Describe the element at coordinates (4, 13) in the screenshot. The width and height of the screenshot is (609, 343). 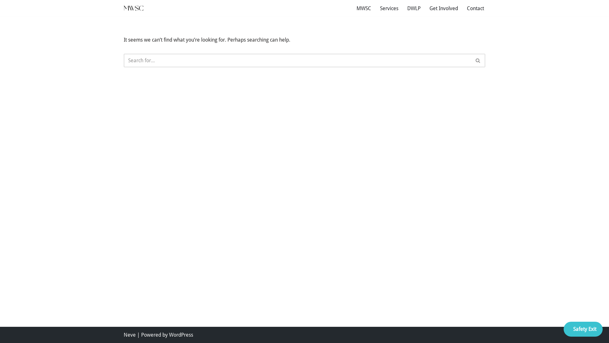
I see `'Skip to content'` at that location.